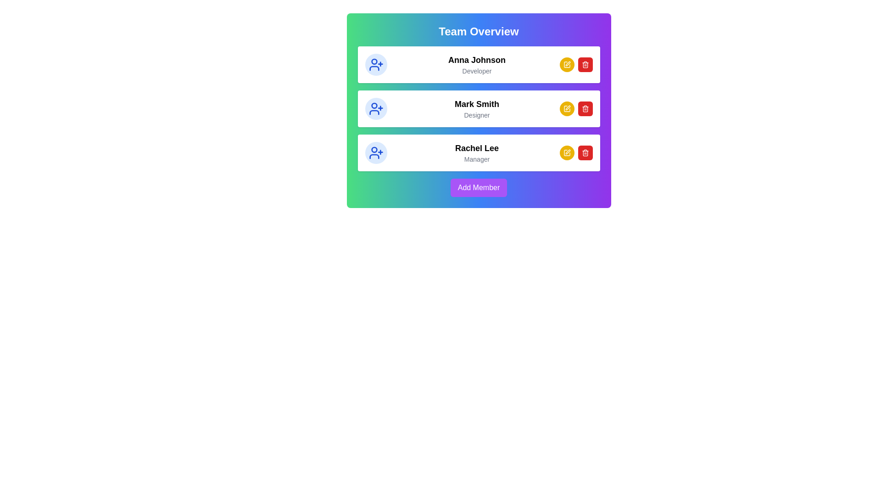  Describe the element at coordinates (478, 187) in the screenshot. I see `the 'Add Member' button located at the bottom center of the 'Team Overview' section, which has a purple background and rounded corners` at that location.